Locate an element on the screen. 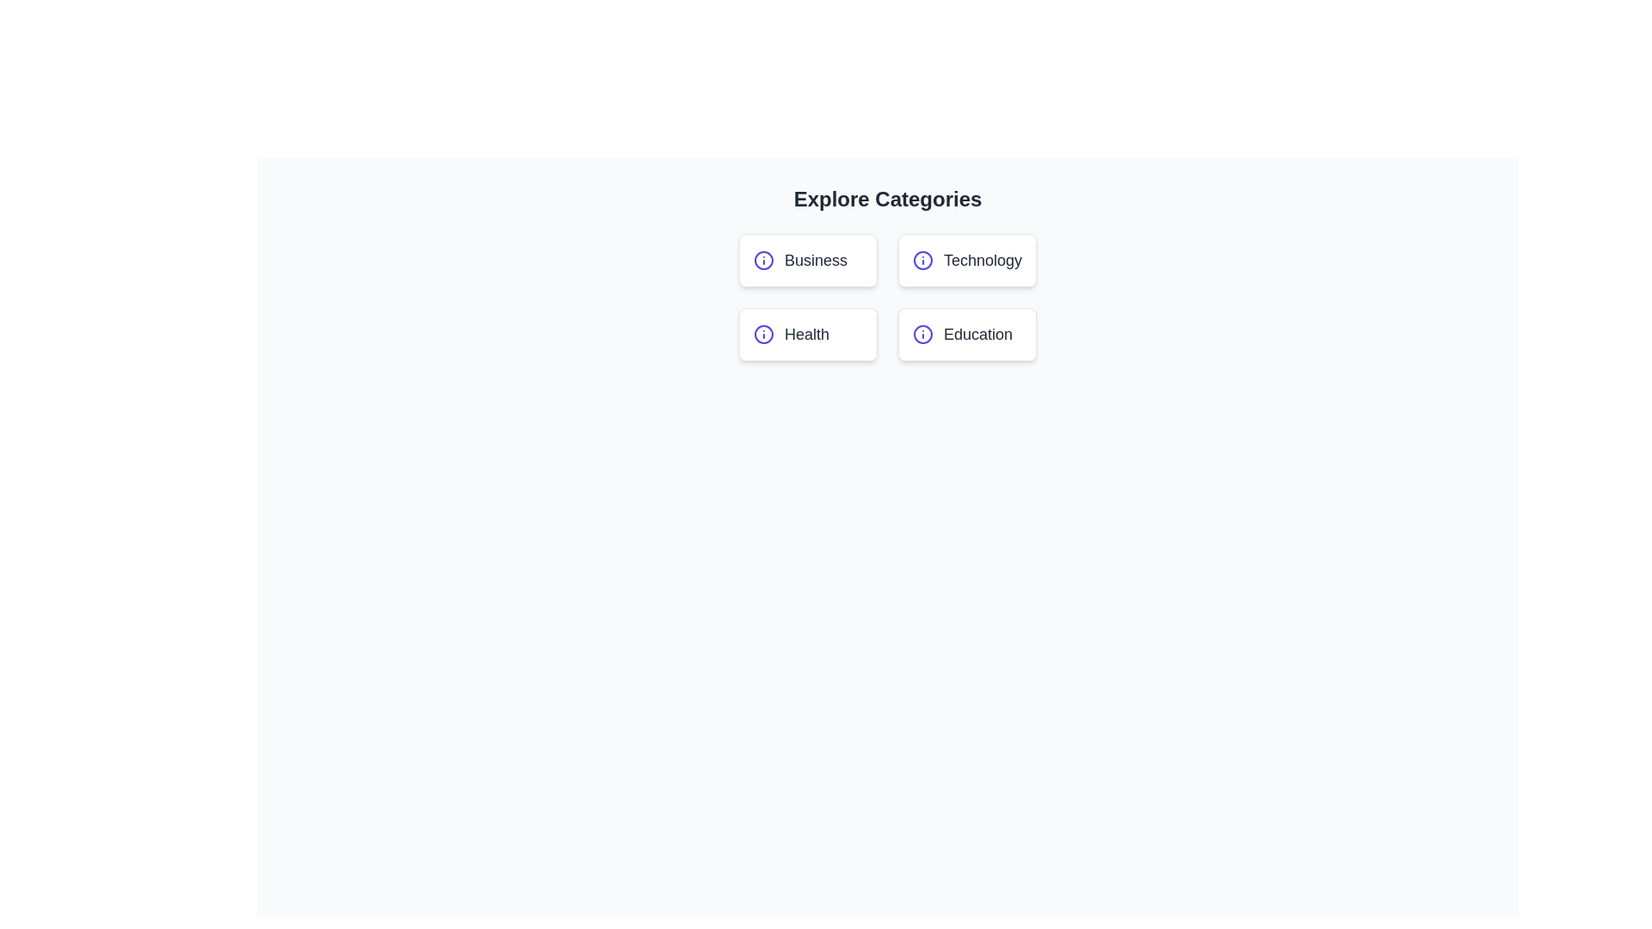  the 'Education' label located in the bottom-right card among a grid of four cards is located at coordinates (967, 335).